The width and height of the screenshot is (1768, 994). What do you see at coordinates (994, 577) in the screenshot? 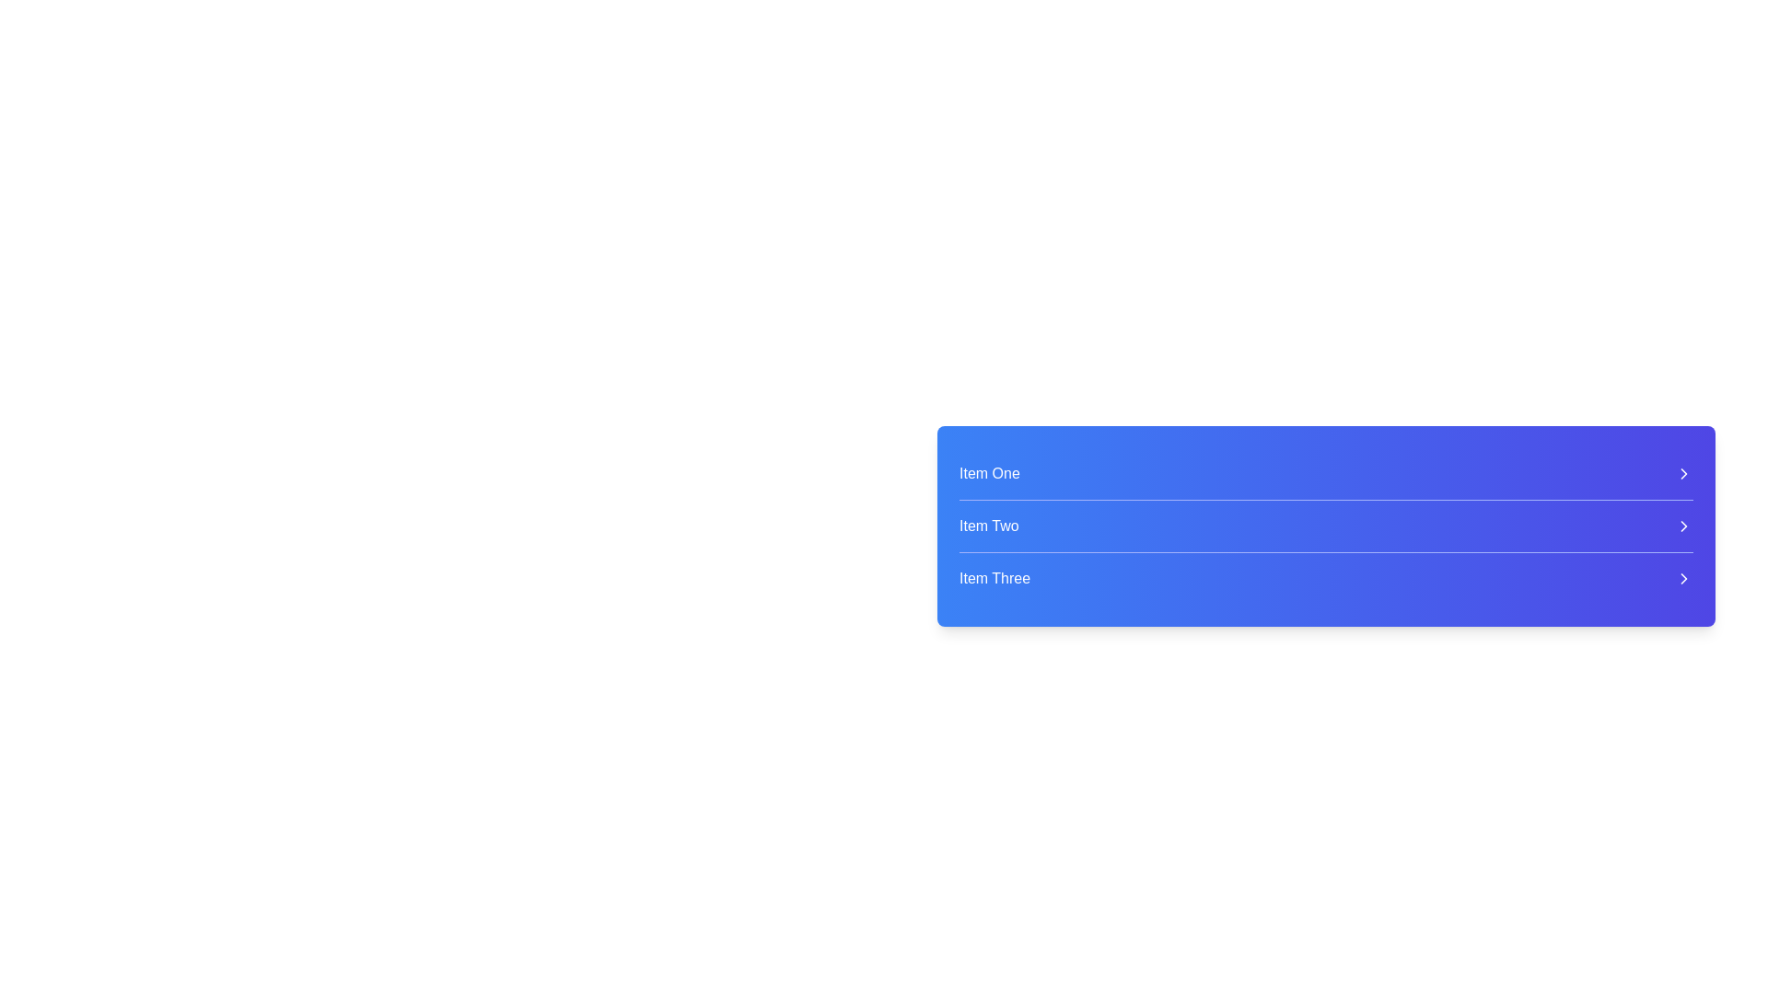
I see `the text label displaying 'Item Three' on a blue background located in the bottom section of the vertically stacked menu` at bounding box center [994, 577].